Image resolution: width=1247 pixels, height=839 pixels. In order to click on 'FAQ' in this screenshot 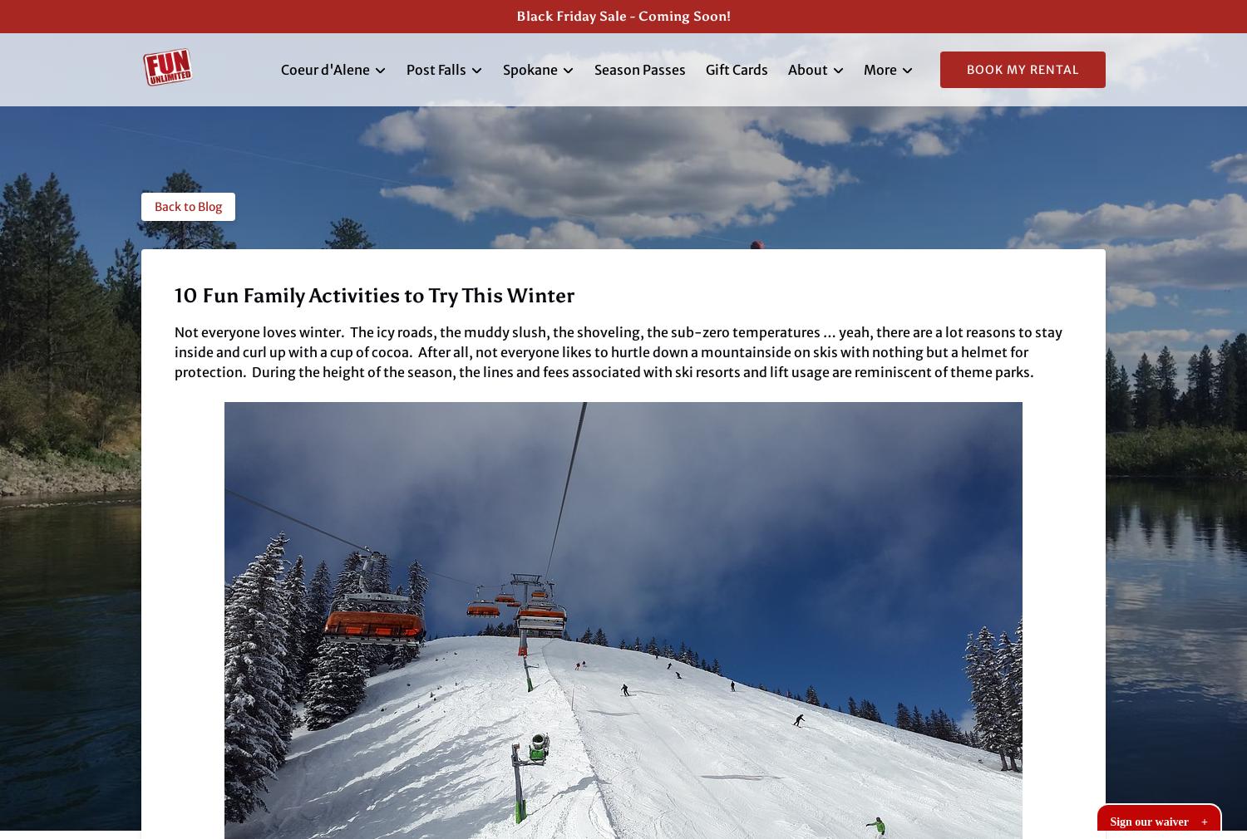, I will do `click(811, 147)`.